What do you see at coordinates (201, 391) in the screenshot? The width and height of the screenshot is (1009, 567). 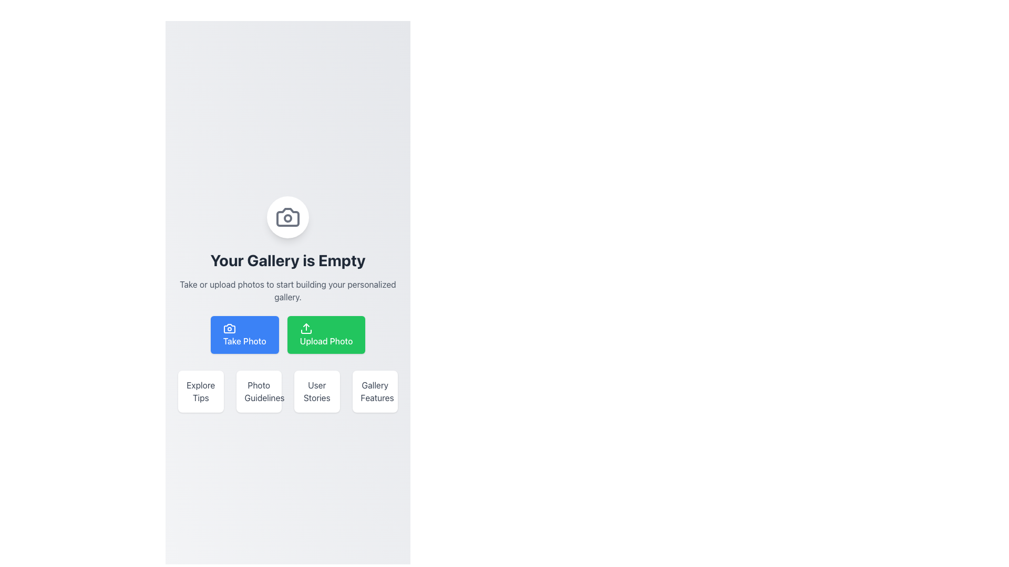 I see `the 'Explore Tips' text element within the first card of the grid layout to trigger the hover effect` at bounding box center [201, 391].